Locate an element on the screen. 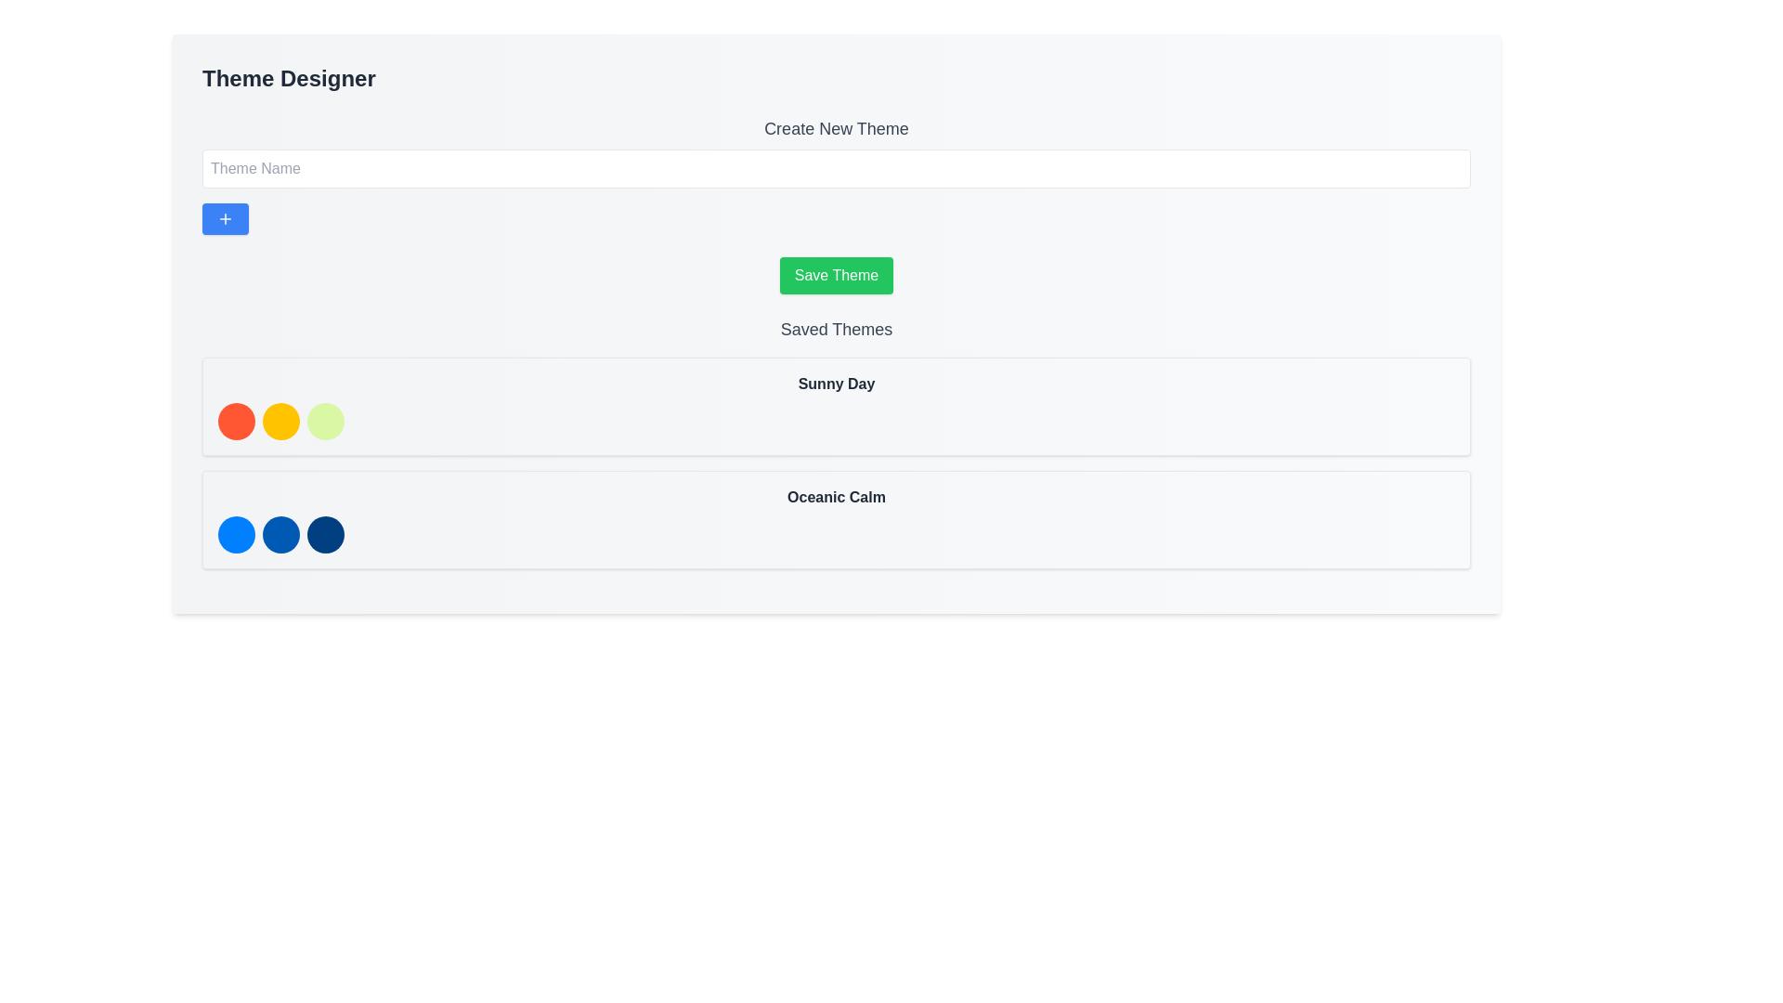  the first light blue circular color indicator in the 'Oceanic Calm' theme section is located at coordinates (235, 534).